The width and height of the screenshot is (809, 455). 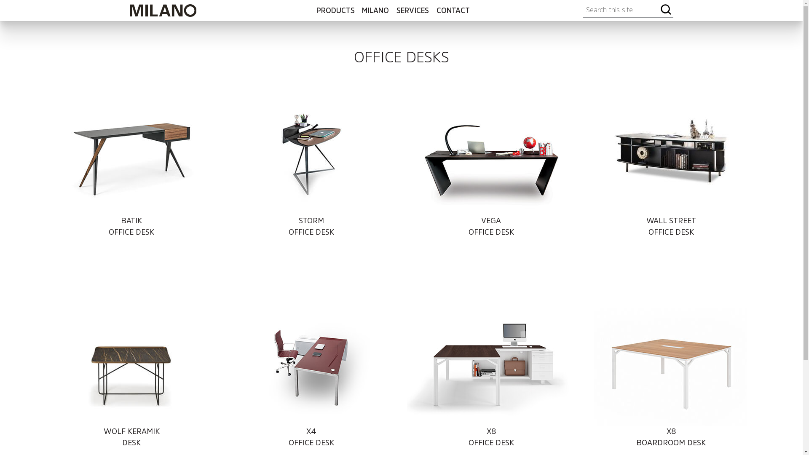 I want to click on 'Storm Office Desk', so click(x=311, y=156).